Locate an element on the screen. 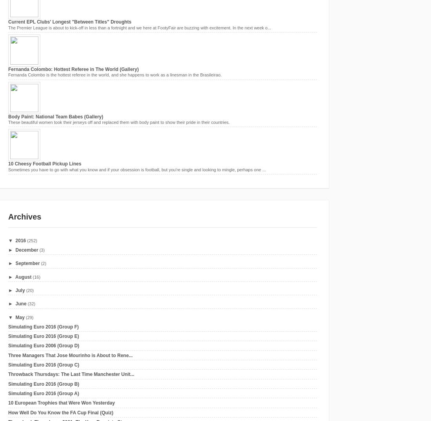 The image size is (431, 421). '(20)' is located at coordinates (30, 290).